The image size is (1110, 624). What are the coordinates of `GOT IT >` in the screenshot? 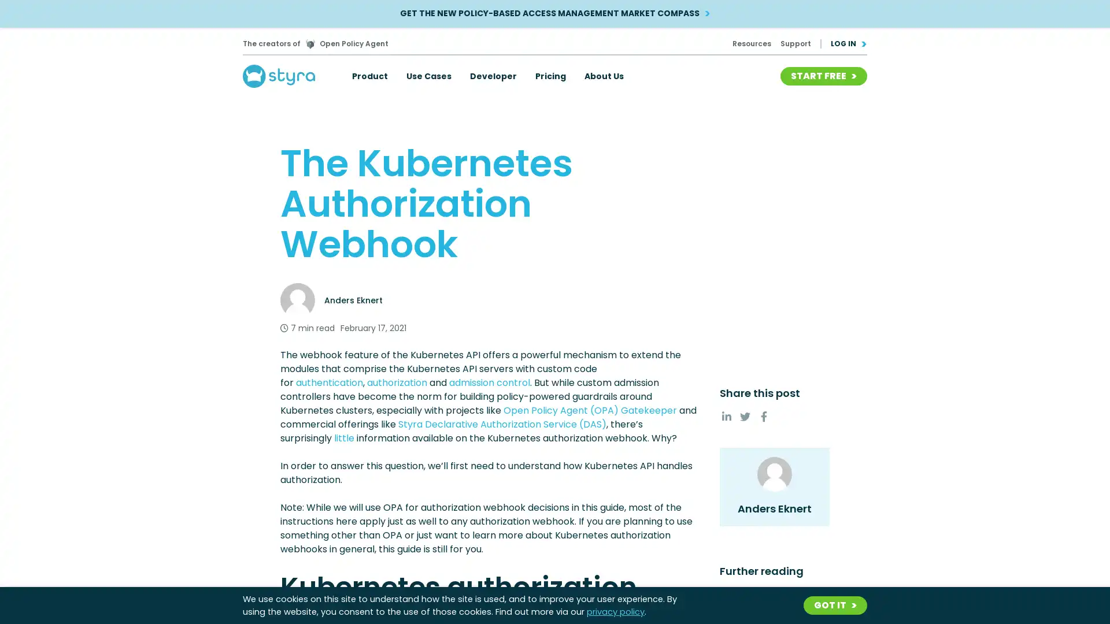 It's located at (835, 605).